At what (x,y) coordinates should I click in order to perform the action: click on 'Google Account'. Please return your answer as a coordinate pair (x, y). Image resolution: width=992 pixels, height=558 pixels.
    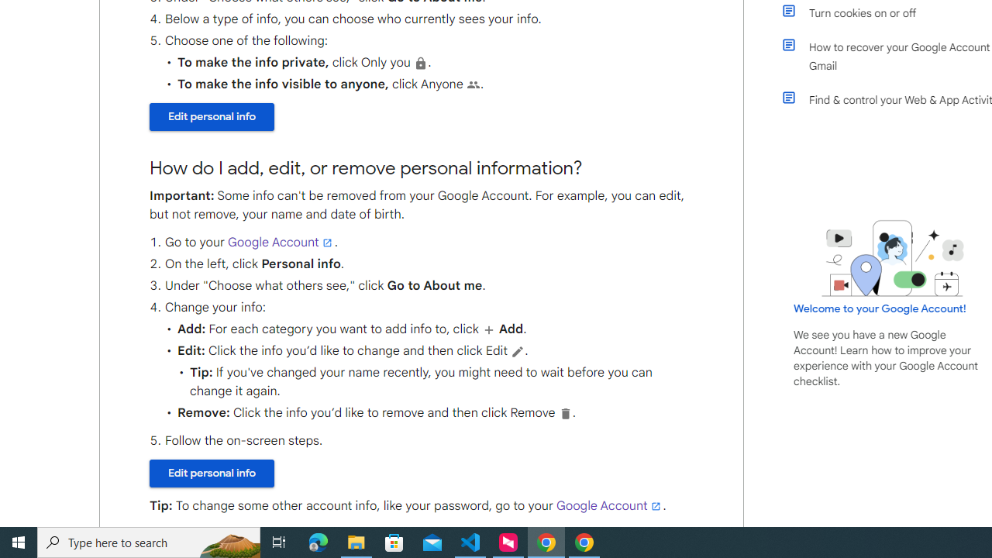
    Looking at the image, I should click on (608, 506).